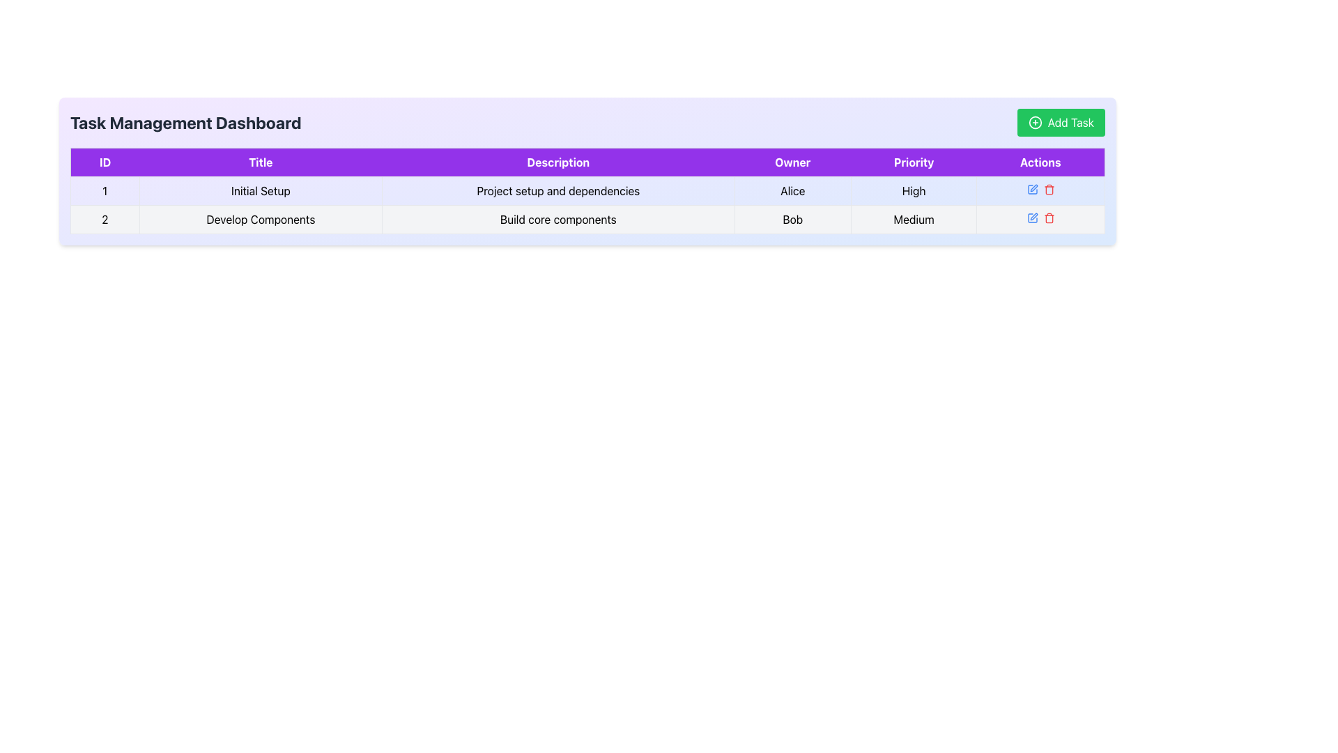  I want to click on the static text element that presents the title of a task, located under the 'Title' column in a table, adjacent to the ID '1', so click(261, 190).